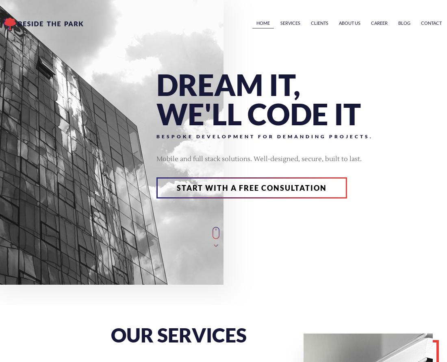 This screenshot has height=362, width=447. I want to click on 'Dream it,', so click(228, 84).